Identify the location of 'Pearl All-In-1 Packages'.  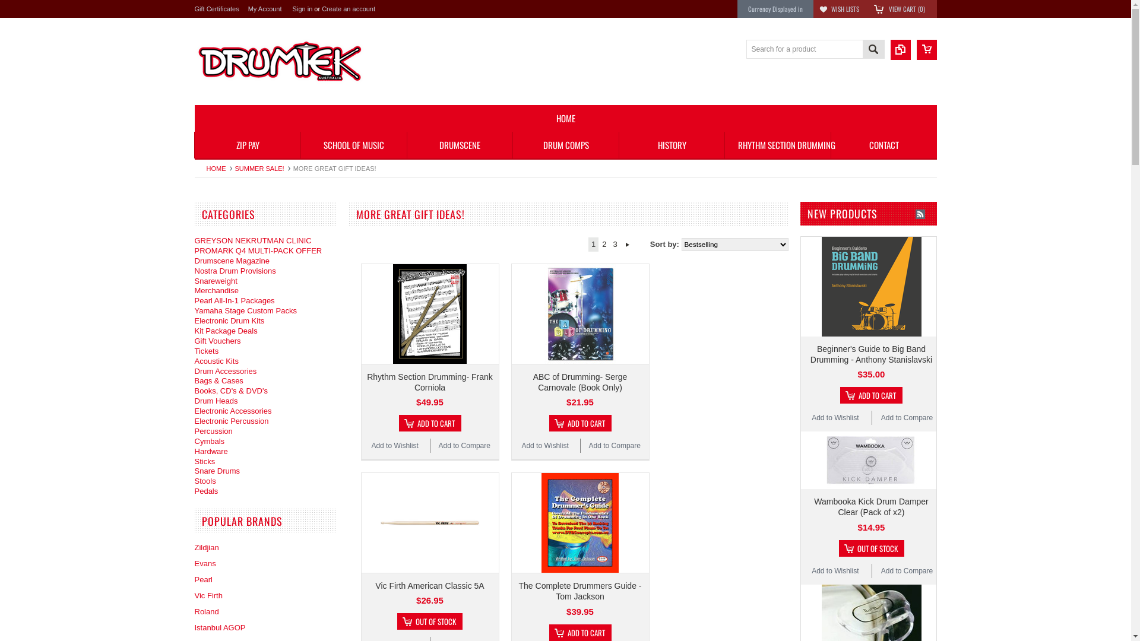
(235, 300).